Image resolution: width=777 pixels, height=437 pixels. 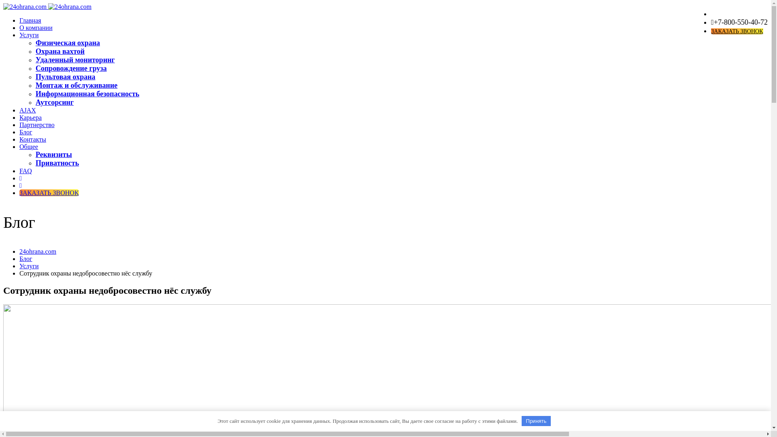 I want to click on 'FAQ', so click(x=25, y=170).